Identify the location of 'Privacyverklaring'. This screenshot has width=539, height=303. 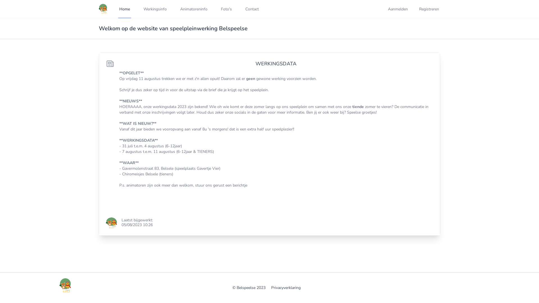
(286, 288).